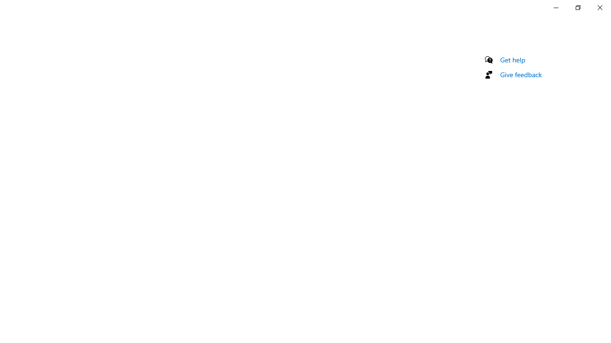 Image resolution: width=611 pixels, height=343 pixels. I want to click on 'Close Settings', so click(599, 7).